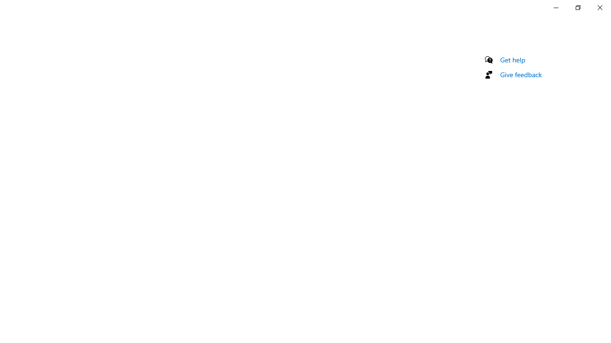 Image resolution: width=611 pixels, height=343 pixels. I want to click on 'Close Settings', so click(599, 7).